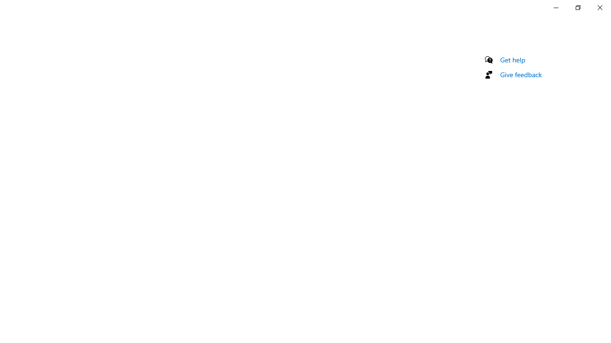 Image resolution: width=611 pixels, height=343 pixels. I want to click on 'Close Settings', so click(599, 7).